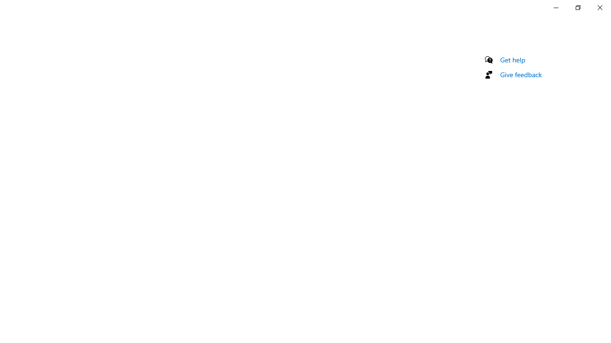 Image resolution: width=611 pixels, height=343 pixels. I want to click on 'Close Settings', so click(599, 7).